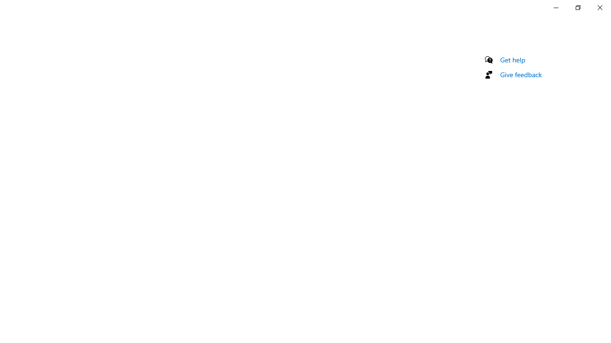 Image resolution: width=611 pixels, height=343 pixels. I want to click on 'Close Settings', so click(599, 7).